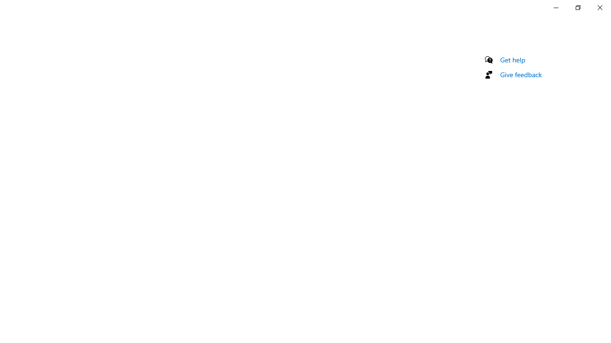 Image resolution: width=611 pixels, height=343 pixels. I want to click on 'Close Settings', so click(599, 7).